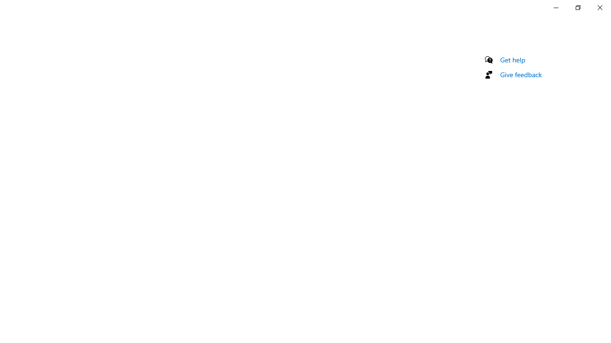 Image resolution: width=611 pixels, height=343 pixels. I want to click on 'Close Settings', so click(599, 7).